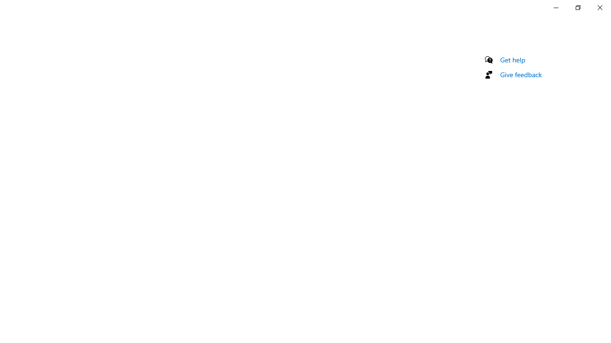 Image resolution: width=611 pixels, height=343 pixels. I want to click on 'Close Settings', so click(599, 7).